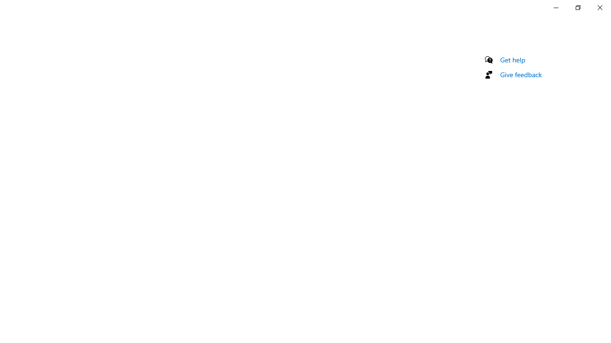 Image resolution: width=611 pixels, height=343 pixels. I want to click on 'Close Settings', so click(599, 7).